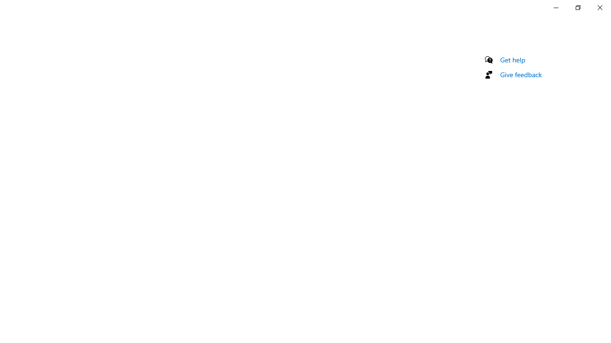 Image resolution: width=611 pixels, height=343 pixels. I want to click on 'Close Settings', so click(599, 7).